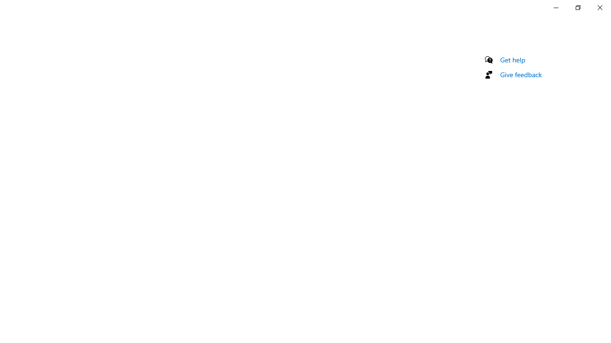 Image resolution: width=611 pixels, height=343 pixels. I want to click on 'Close Settings', so click(599, 7).